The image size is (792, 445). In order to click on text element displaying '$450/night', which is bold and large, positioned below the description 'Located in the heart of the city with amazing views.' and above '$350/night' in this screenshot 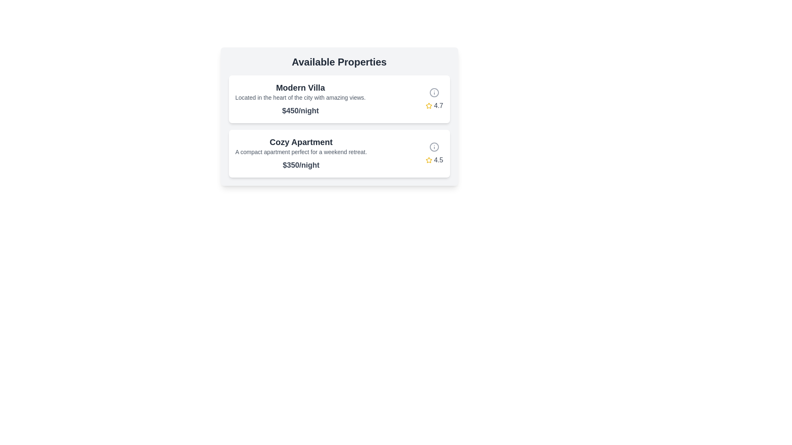, I will do `click(300, 110)`.